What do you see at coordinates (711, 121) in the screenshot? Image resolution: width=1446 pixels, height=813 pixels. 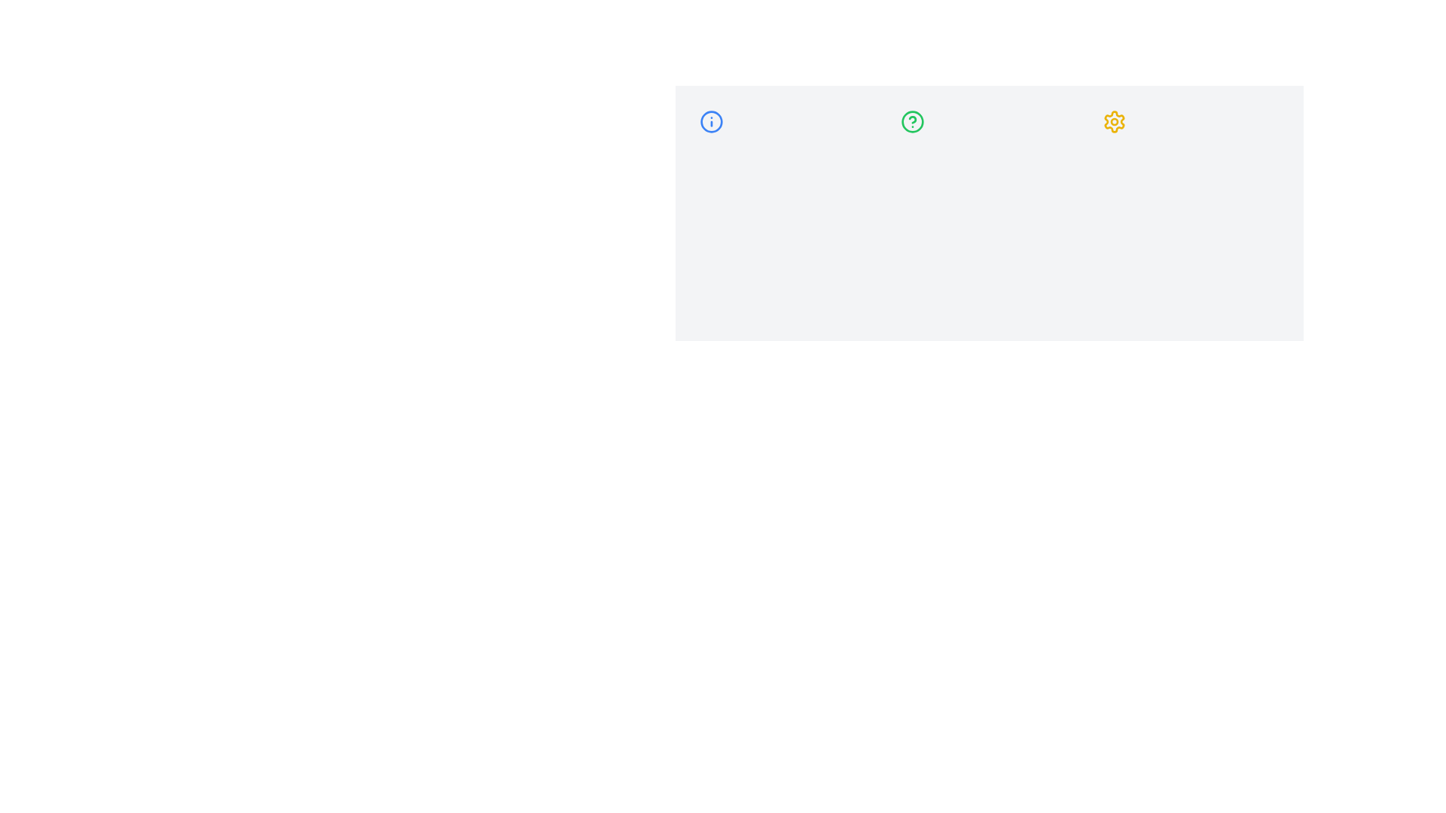 I see `the information indicator icon located on the upper-left side of the interface, which is the leftmost among three similar icons` at bounding box center [711, 121].